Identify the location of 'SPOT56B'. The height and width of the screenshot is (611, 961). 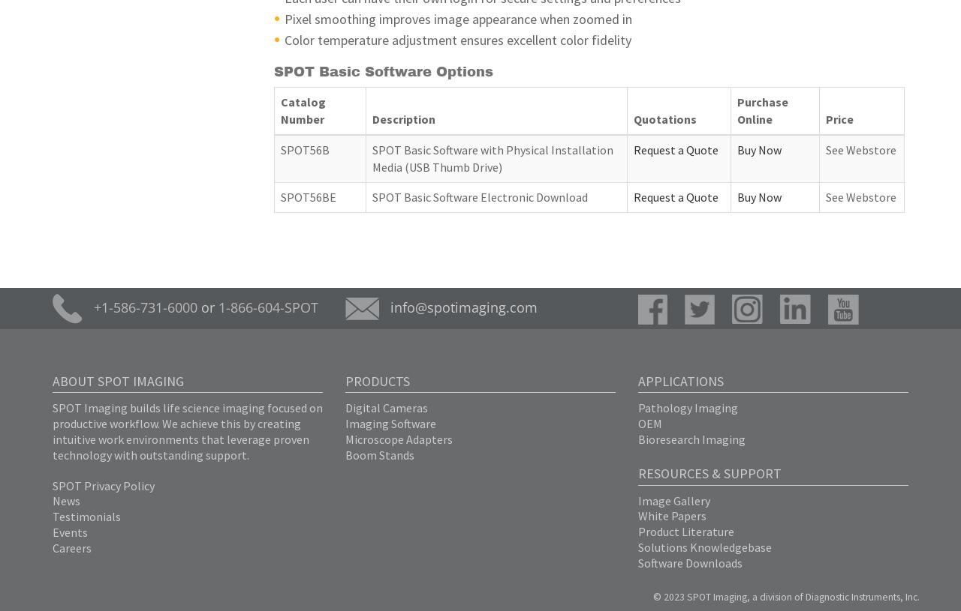
(281, 150).